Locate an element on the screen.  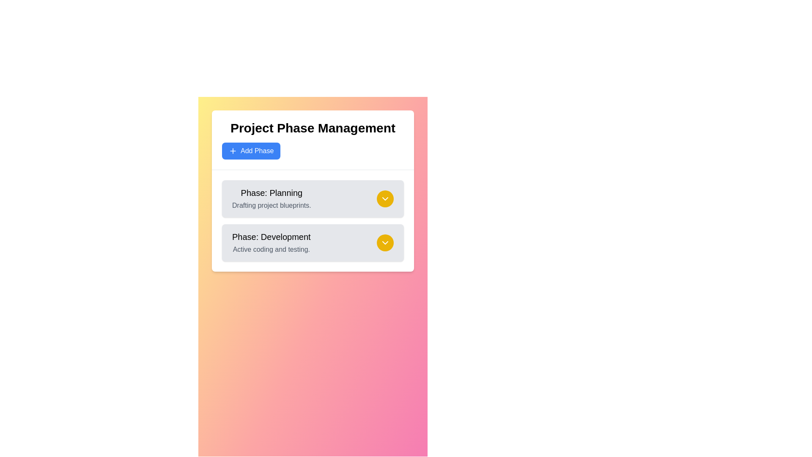
the 'Development' text label that indicates the current phase of the project in the project management interface is located at coordinates (271, 237).